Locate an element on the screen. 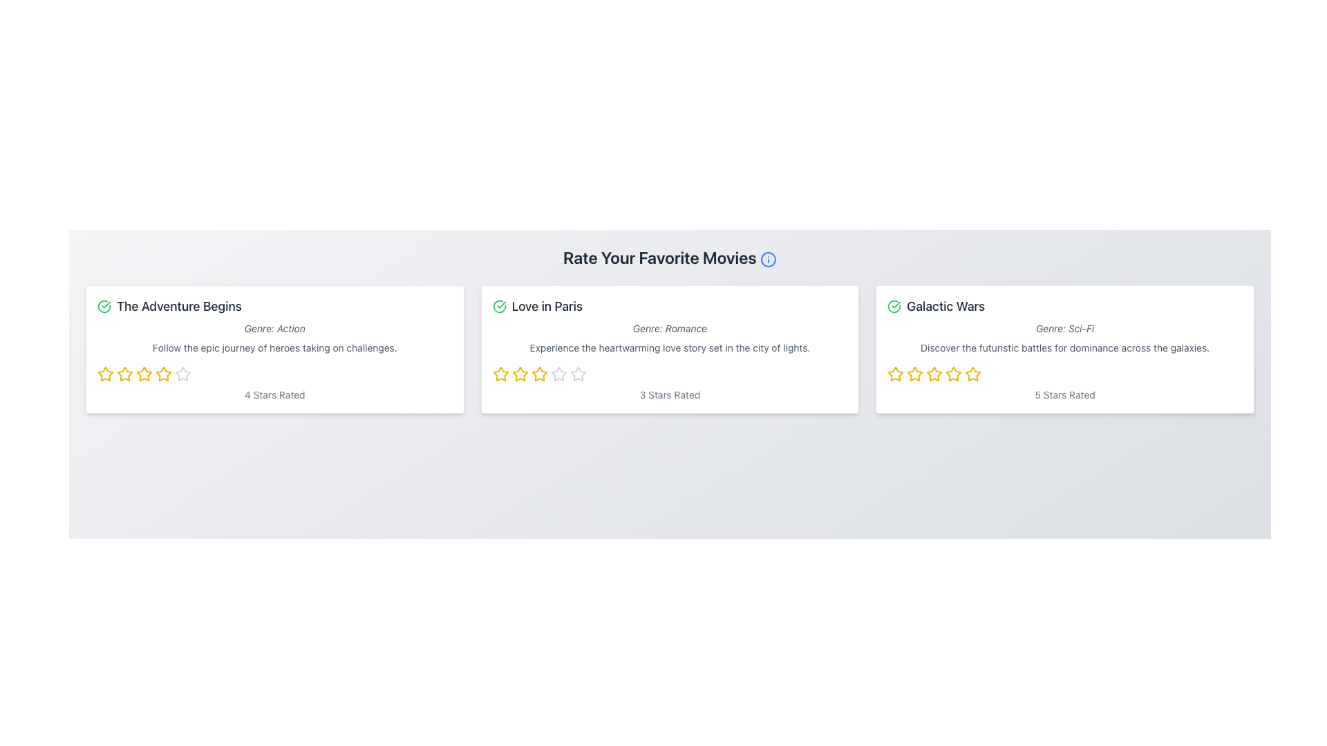 The height and width of the screenshot is (746, 1327). the Text Label that serves as the title of the movie card, located in the top-left section of the leftmost card, positioned below a green checkmark icon and above the genre and description text is located at coordinates (178, 305).